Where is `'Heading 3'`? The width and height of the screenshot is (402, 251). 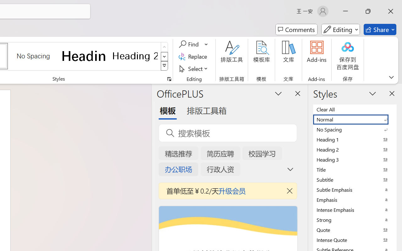 'Heading 3' is located at coordinates (355, 159).